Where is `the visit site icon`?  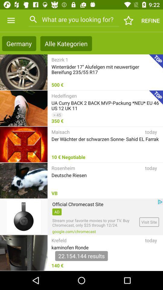 the visit site icon is located at coordinates (149, 222).